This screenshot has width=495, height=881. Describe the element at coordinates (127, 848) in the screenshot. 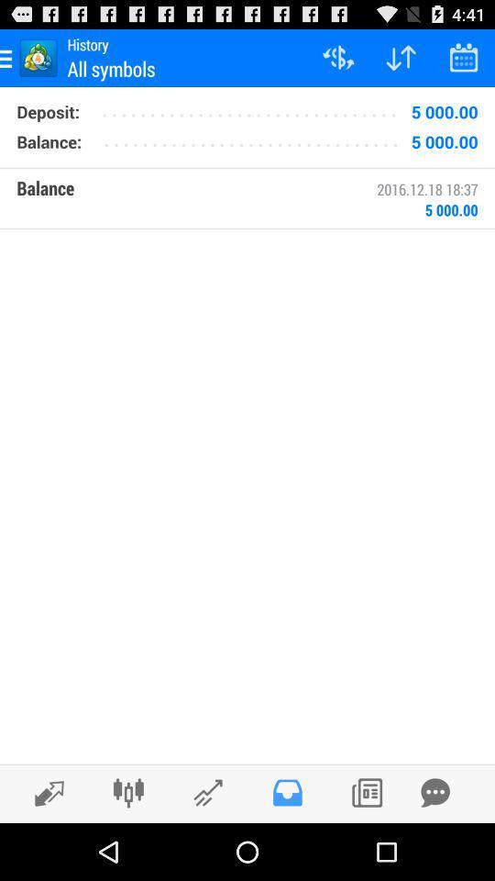

I see `the sliders icon` at that location.